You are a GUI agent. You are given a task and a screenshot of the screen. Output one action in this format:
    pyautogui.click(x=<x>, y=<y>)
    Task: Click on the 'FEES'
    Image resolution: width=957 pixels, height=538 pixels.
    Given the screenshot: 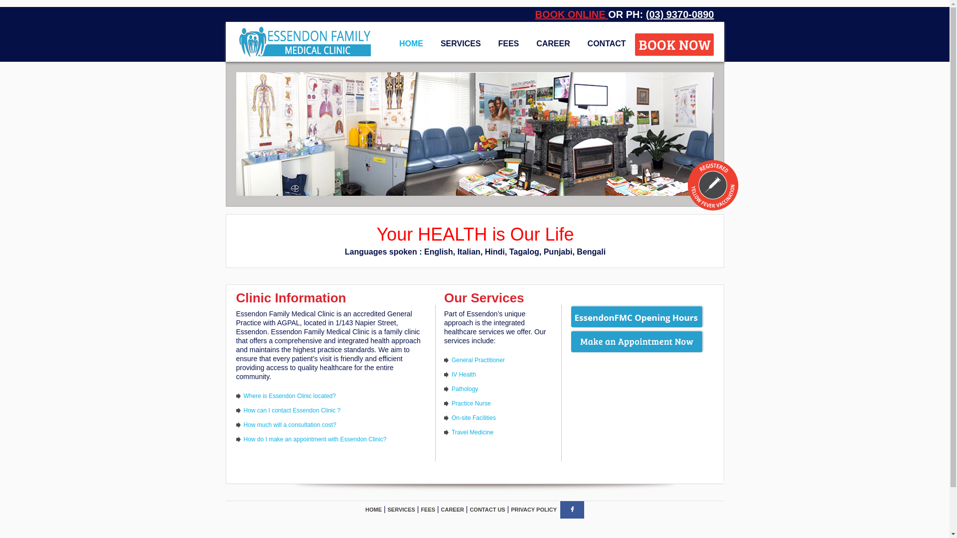 What is the action you would take?
    pyautogui.click(x=508, y=43)
    